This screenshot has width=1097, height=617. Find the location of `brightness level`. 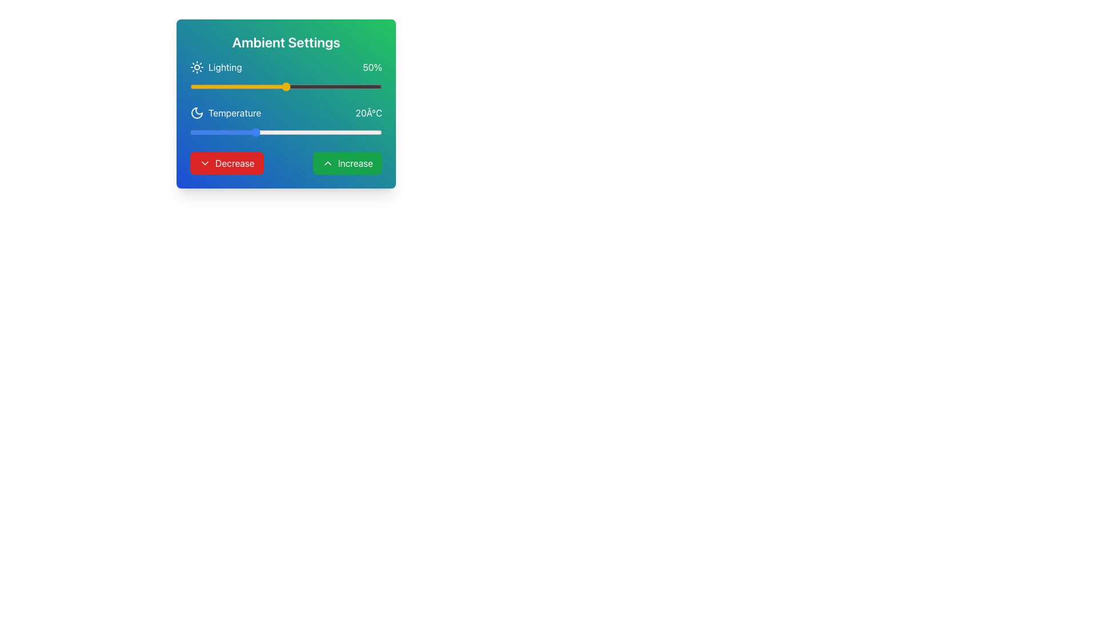

brightness level is located at coordinates (303, 86).